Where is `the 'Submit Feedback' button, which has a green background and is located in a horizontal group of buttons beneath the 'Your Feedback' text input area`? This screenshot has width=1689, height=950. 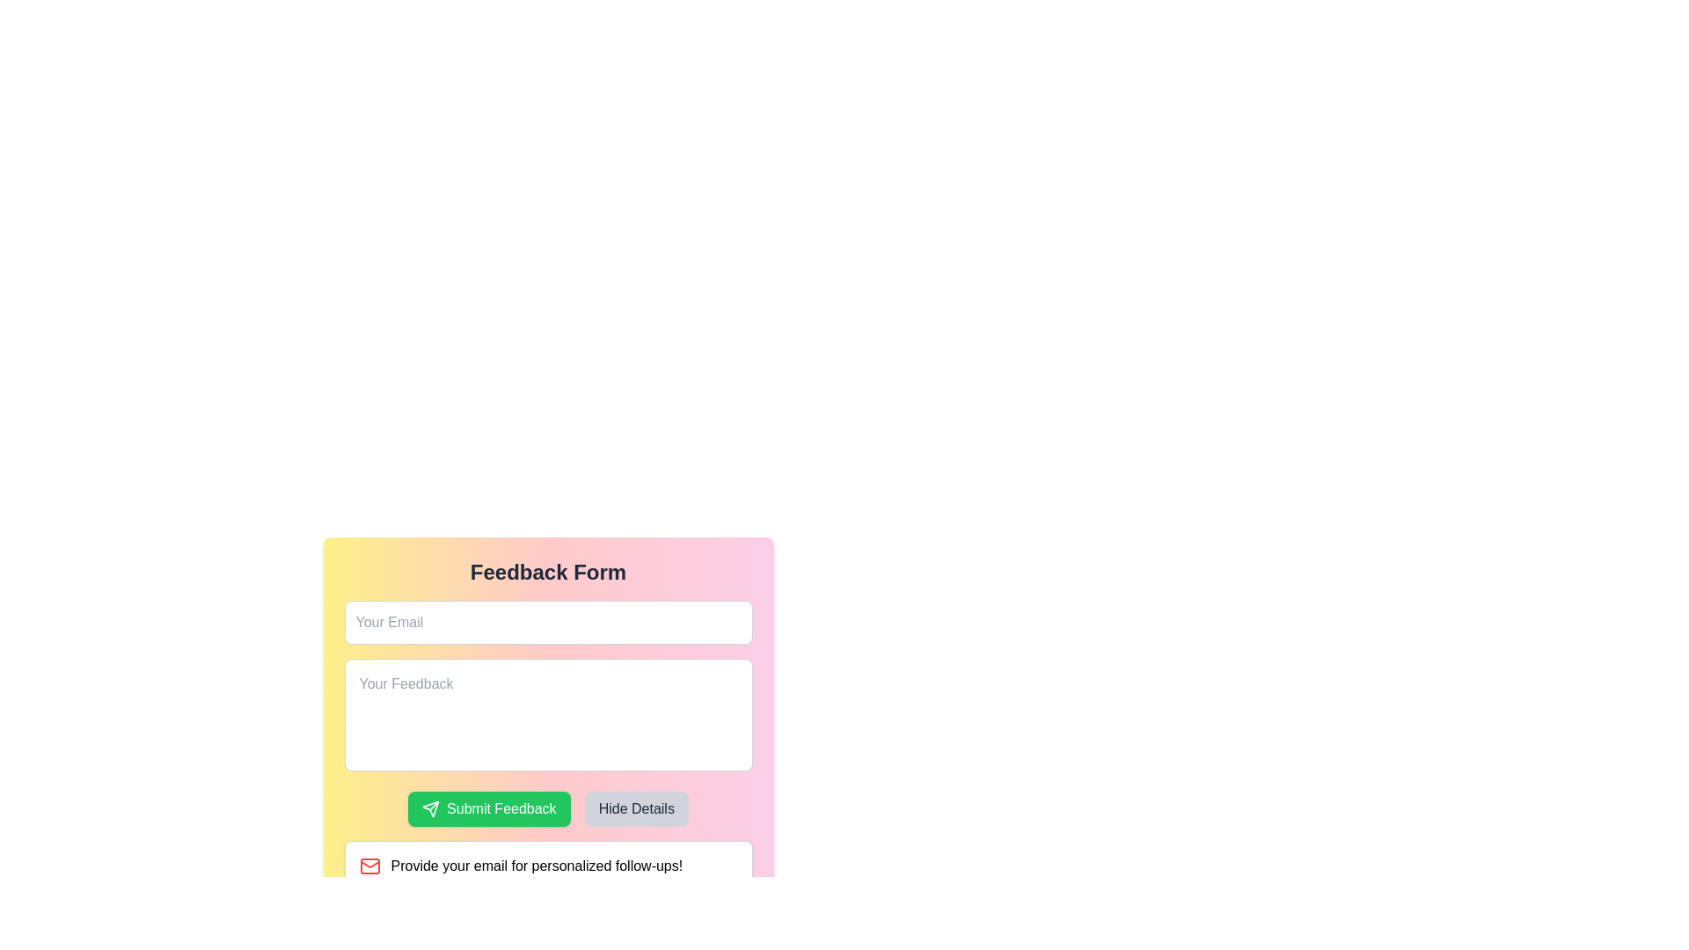
the 'Submit Feedback' button, which has a green background and is located in a horizontal group of buttons beneath the 'Your Feedback' text input area is located at coordinates (547, 809).